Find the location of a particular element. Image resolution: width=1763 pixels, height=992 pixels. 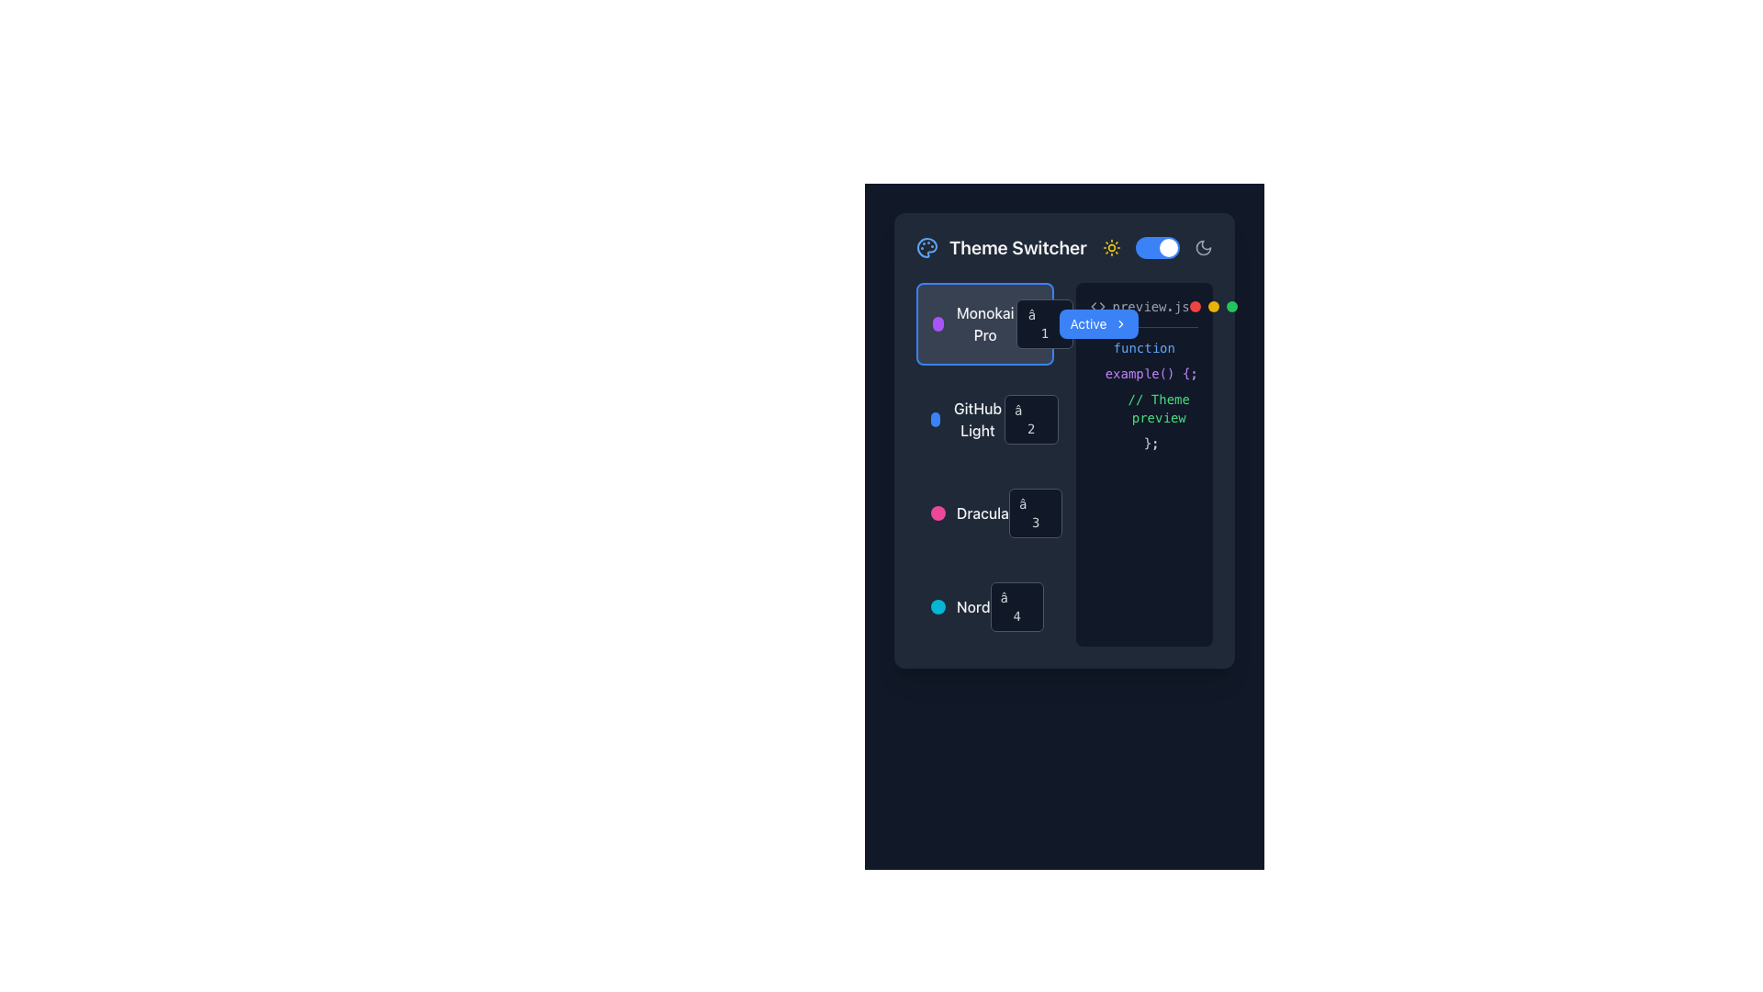

the nighttime or dark mode theme icon located at the top-right corner of the theme switcher section, adjacent to the toggle switch element is located at coordinates (1203, 248).